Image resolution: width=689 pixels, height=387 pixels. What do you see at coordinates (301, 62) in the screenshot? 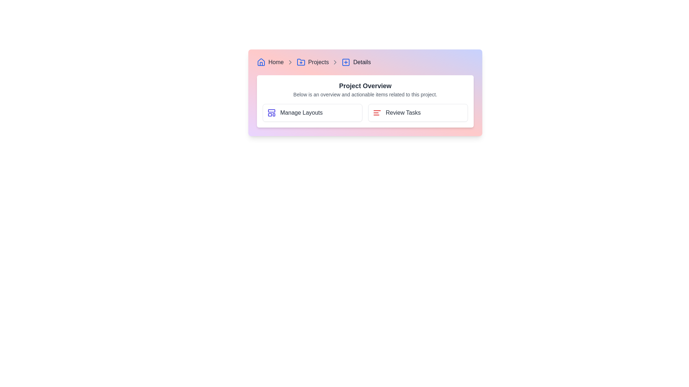
I see `the folder-shaped icon with a blue border and a plus symbol, located in the breadcrumb navigation bar between 'Projects' and 'Details'` at bounding box center [301, 62].